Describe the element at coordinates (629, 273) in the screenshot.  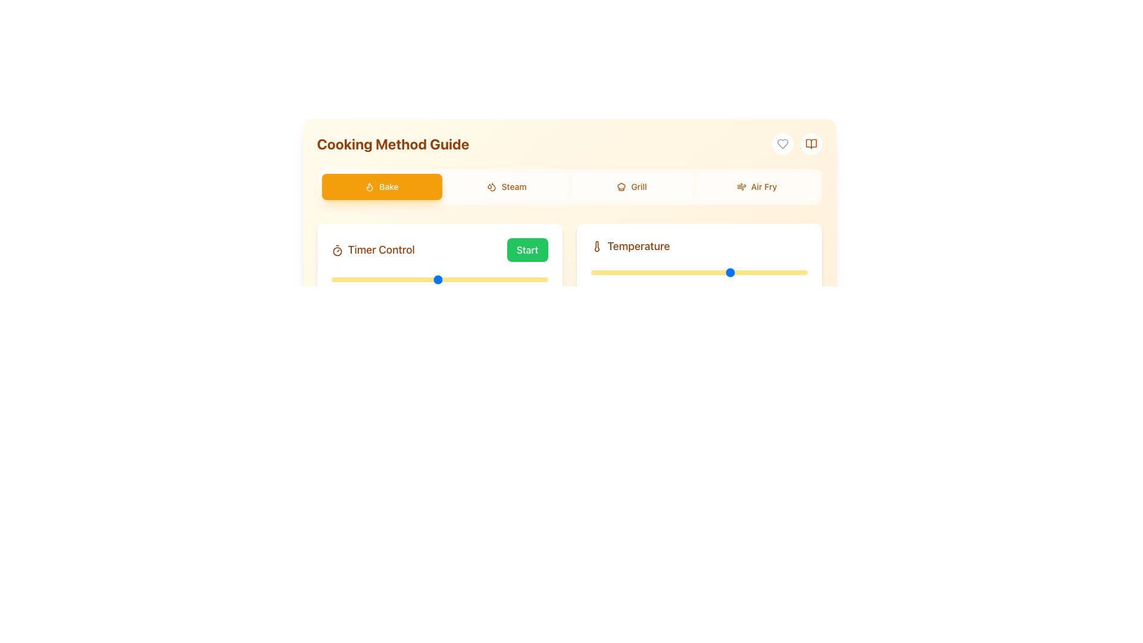
I see `the slider` at that location.